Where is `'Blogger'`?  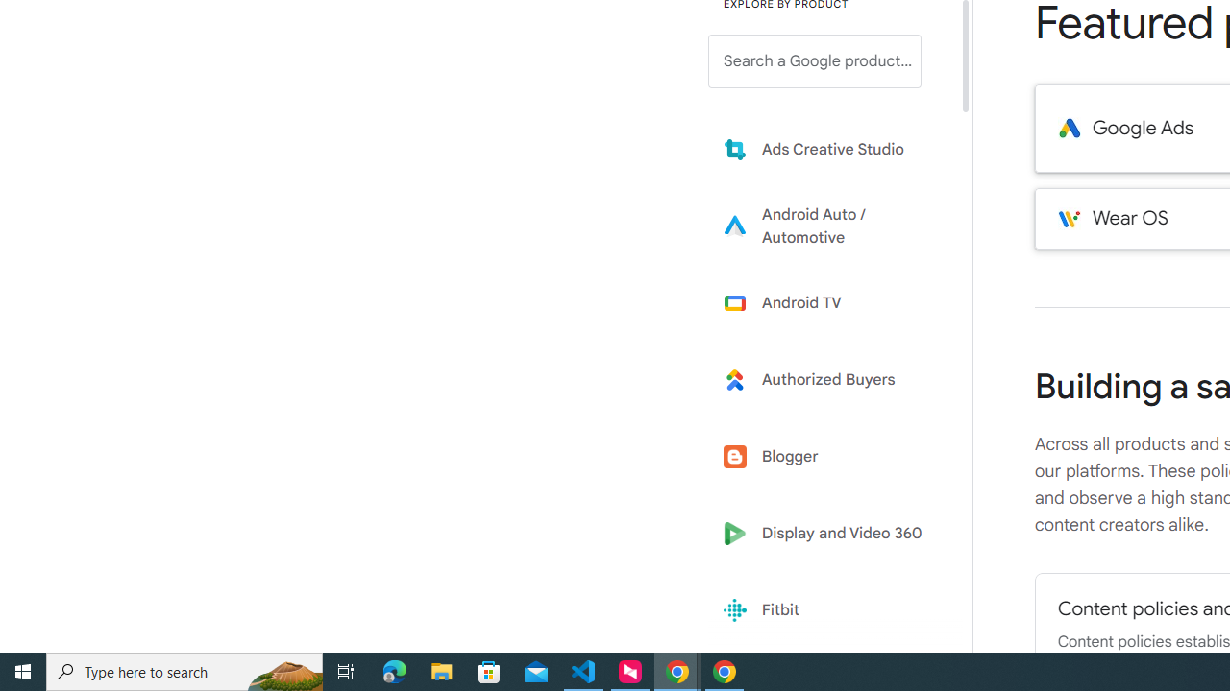
'Blogger' is located at coordinates (828, 457).